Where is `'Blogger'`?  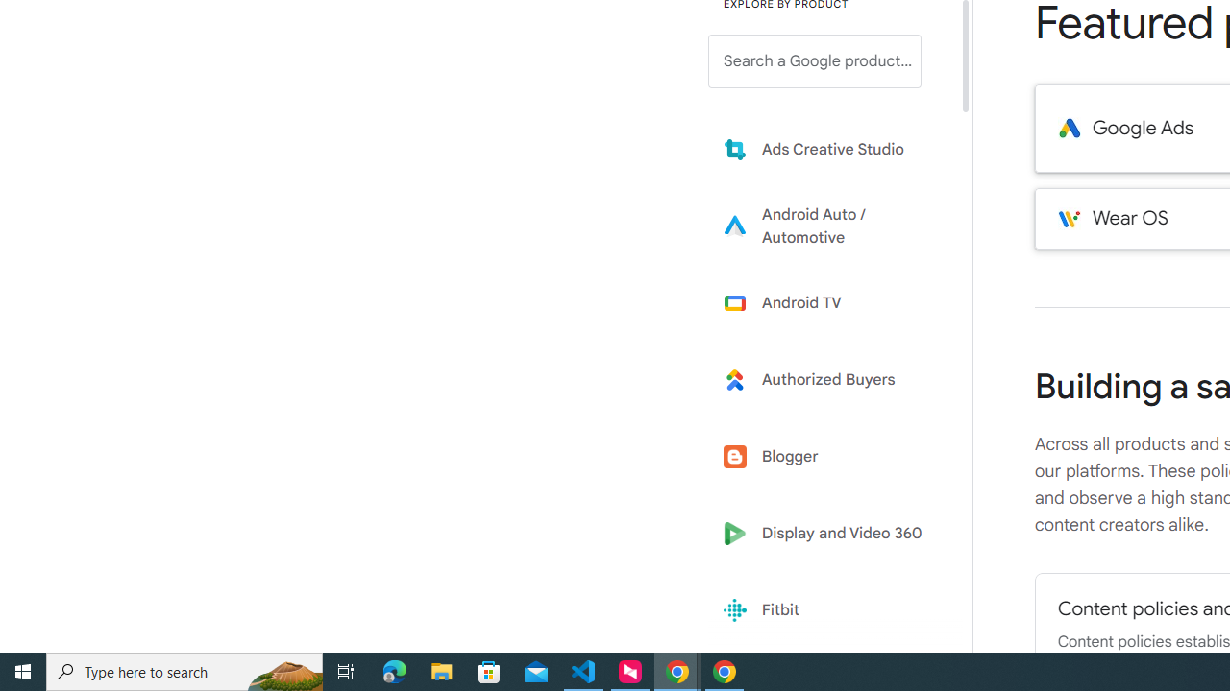
'Blogger' is located at coordinates (828, 457).